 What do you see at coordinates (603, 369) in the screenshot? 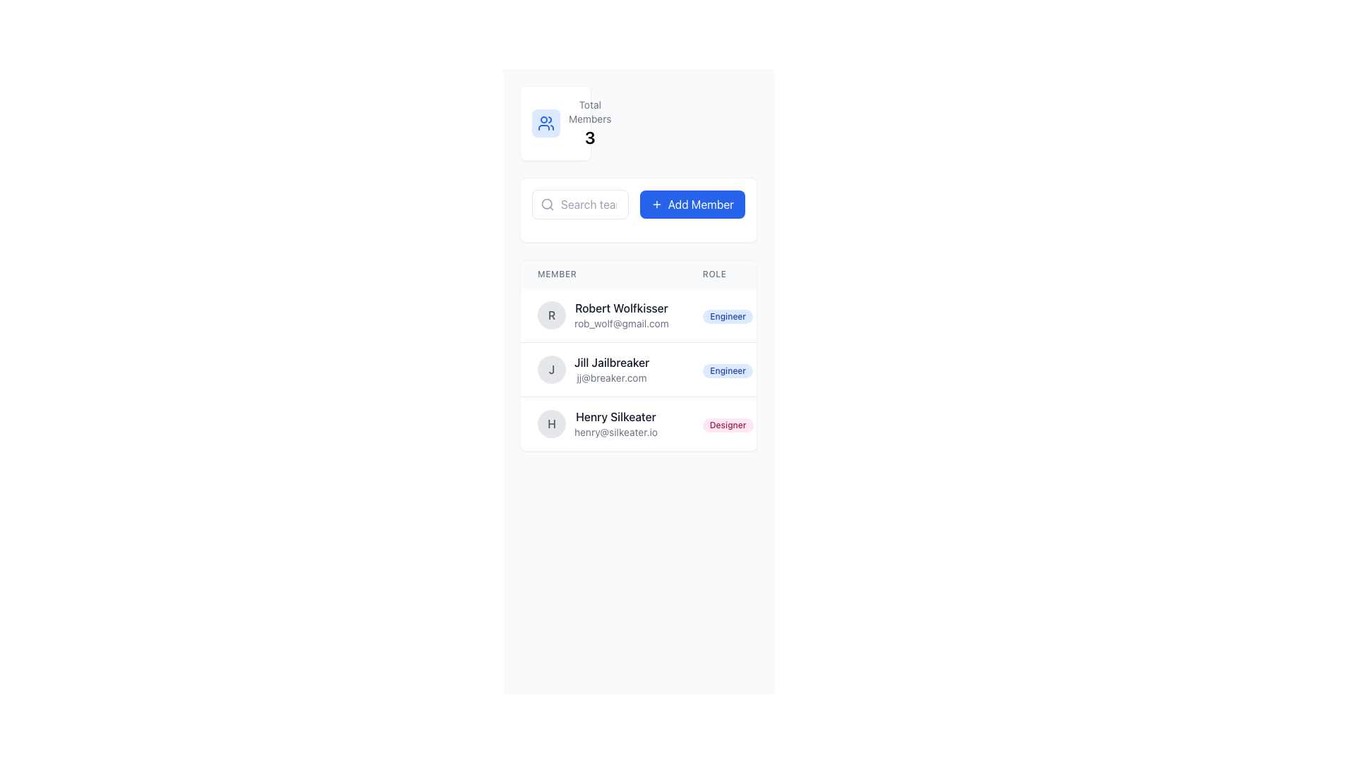
I see `the member entry in the directory that displays the avatar and details for the second member, located below 'Robert Wolfkisser' and above 'Henry Silkeater'` at bounding box center [603, 369].